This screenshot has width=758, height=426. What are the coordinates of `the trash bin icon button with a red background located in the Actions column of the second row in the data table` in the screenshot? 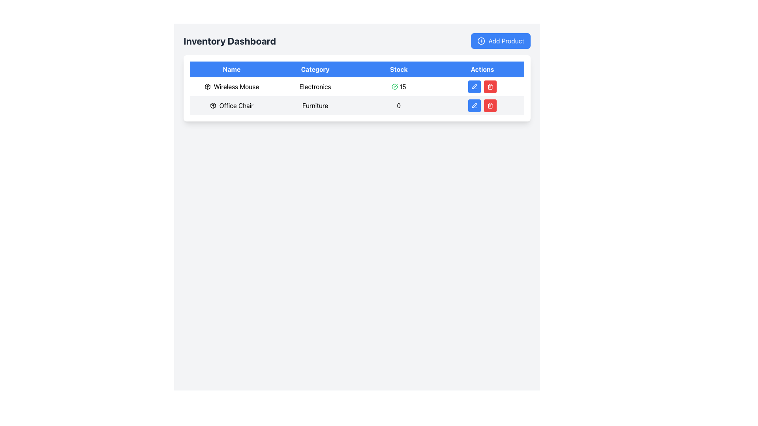 It's located at (490, 105).